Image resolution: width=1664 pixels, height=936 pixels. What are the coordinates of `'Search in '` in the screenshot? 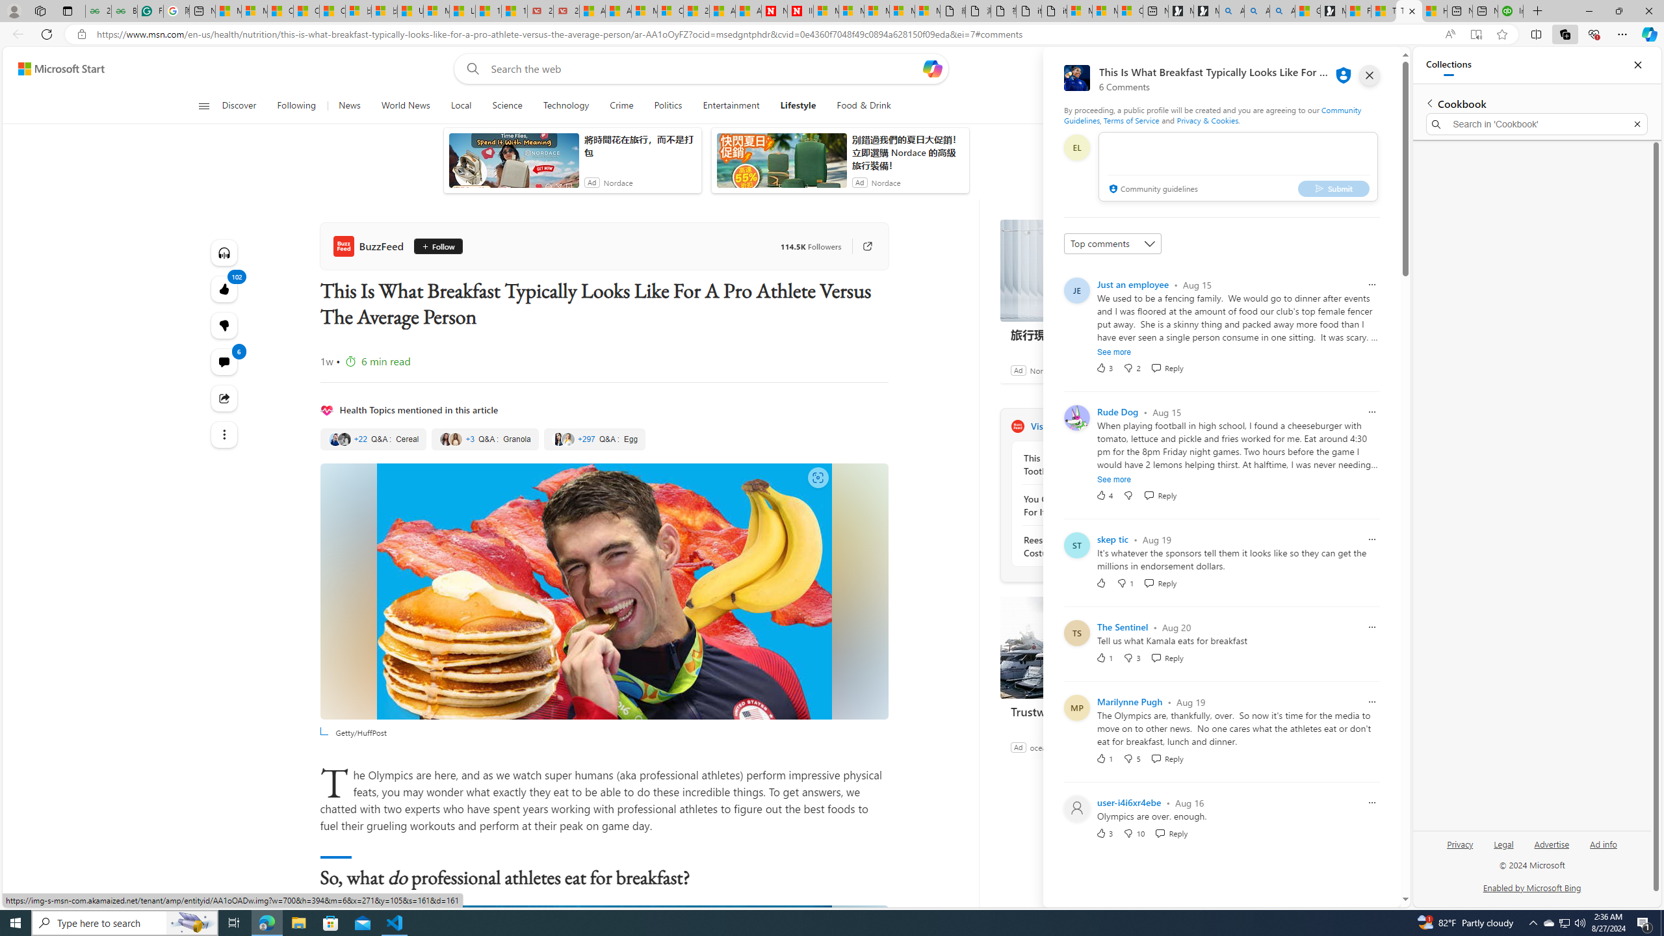 It's located at (1537, 124).